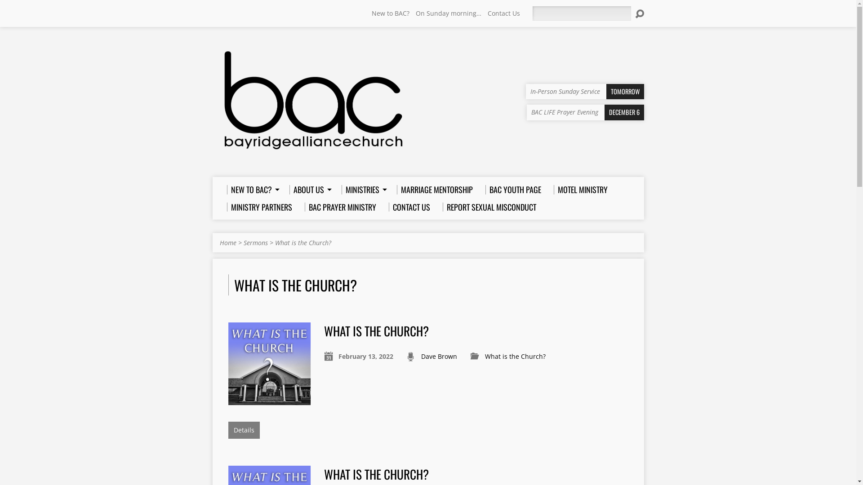 This screenshot has height=485, width=863. Describe the element at coordinates (228, 429) in the screenshot. I see `'Details'` at that location.